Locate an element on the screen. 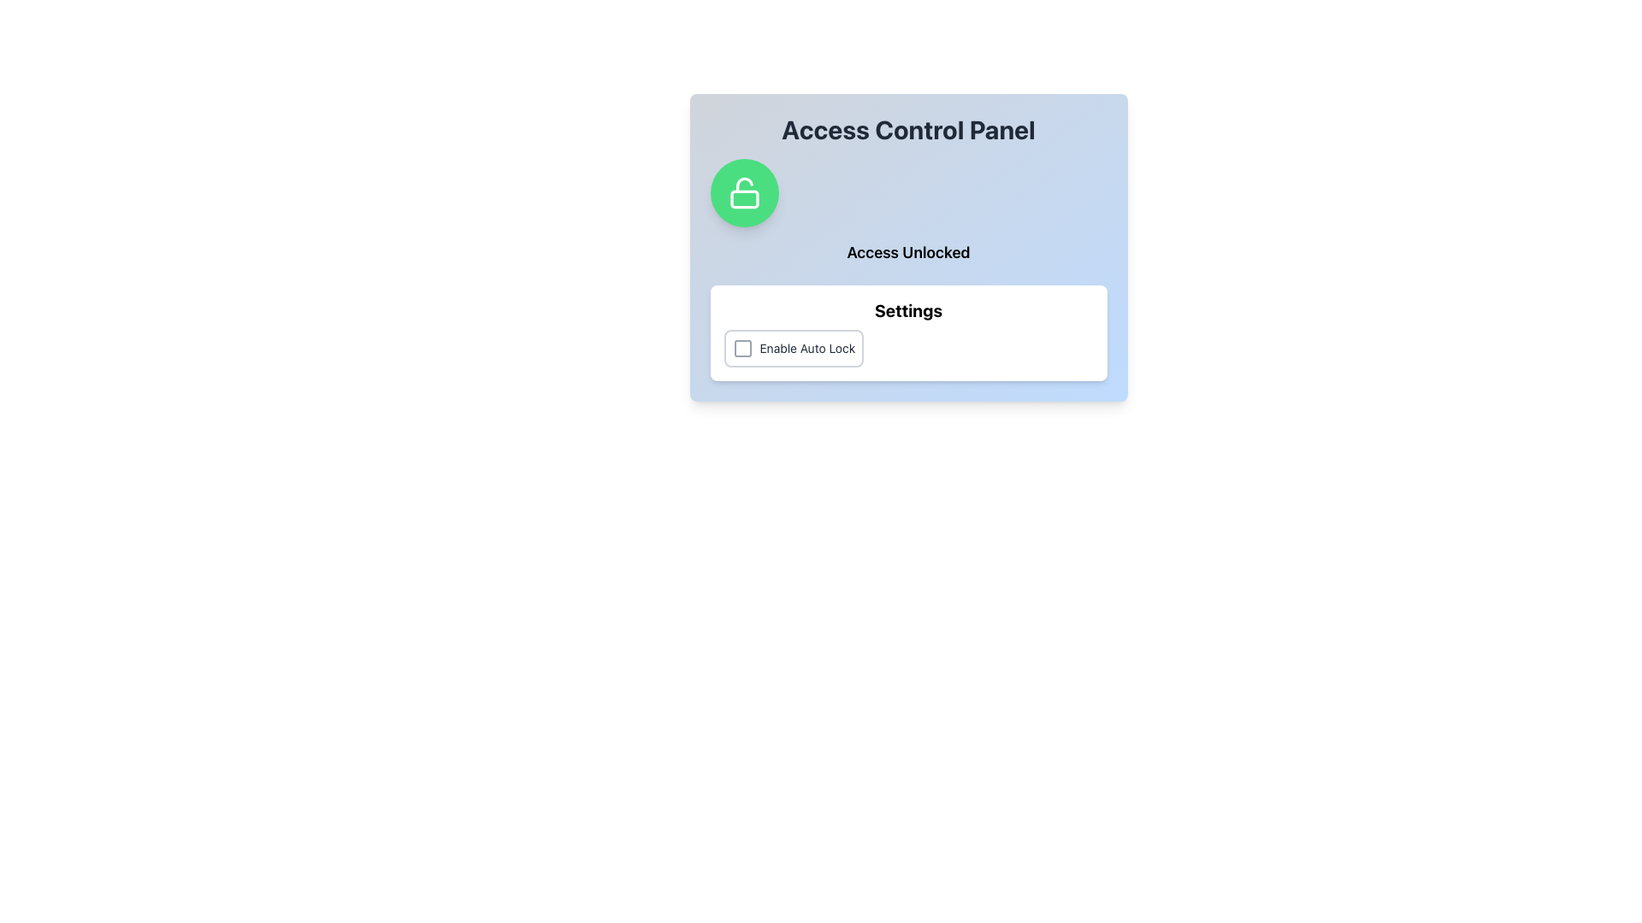  the static text label that indicates access has been granted, positioned below the green lock icon and above the 'Settings' label is located at coordinates (907, 253).